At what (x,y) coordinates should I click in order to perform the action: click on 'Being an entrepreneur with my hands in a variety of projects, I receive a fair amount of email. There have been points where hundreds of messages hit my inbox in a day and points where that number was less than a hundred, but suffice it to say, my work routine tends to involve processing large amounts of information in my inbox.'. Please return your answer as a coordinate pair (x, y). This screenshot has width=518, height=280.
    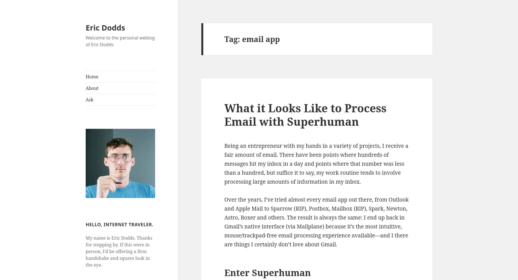
    Looking at the image, I should click on (316, 163).